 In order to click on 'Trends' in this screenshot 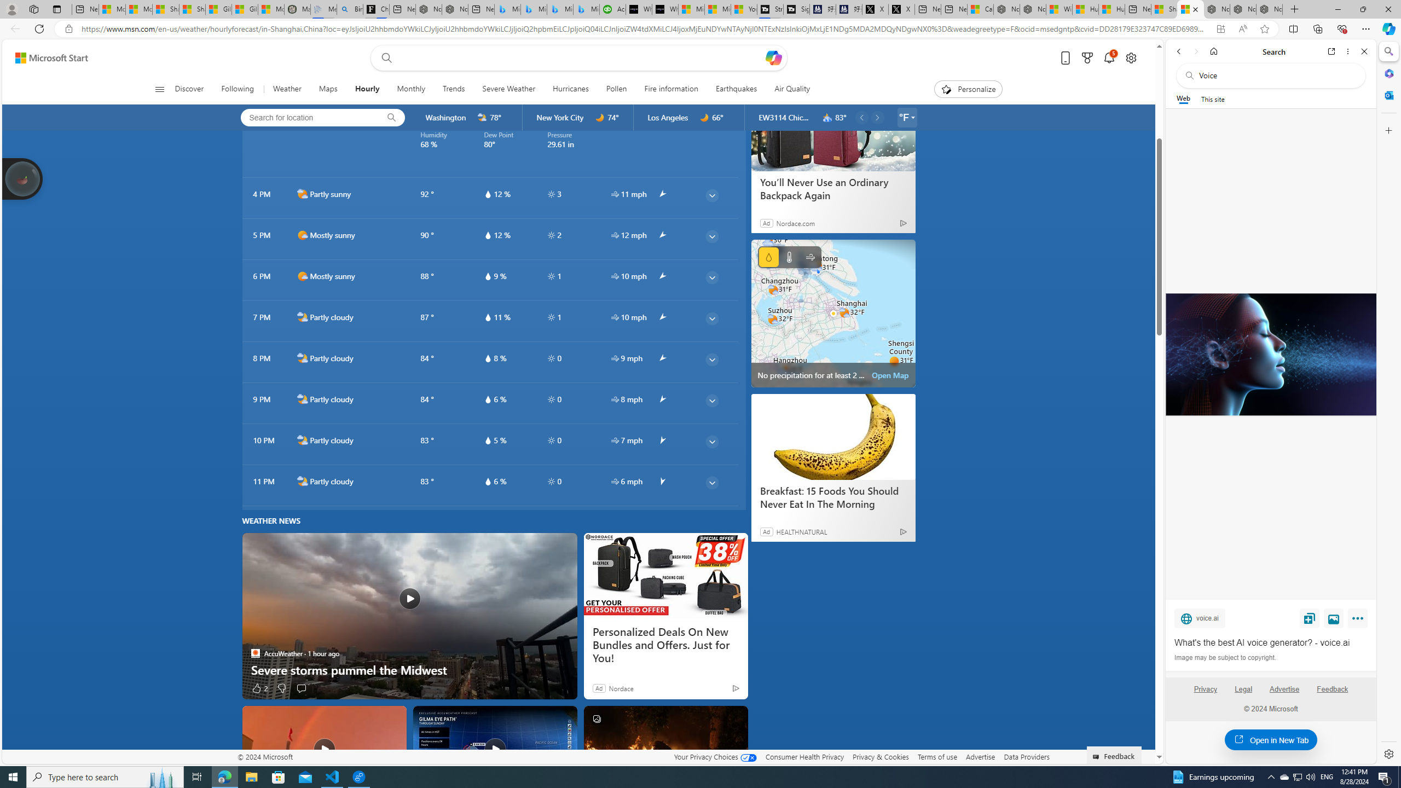, I will do `click(453, 89)`.